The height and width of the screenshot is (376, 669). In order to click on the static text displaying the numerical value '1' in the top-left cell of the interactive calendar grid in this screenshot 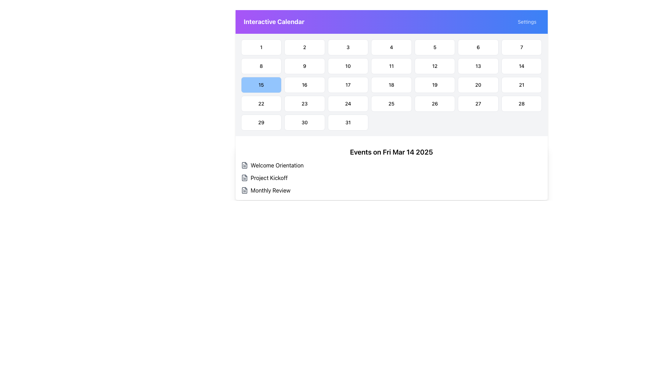, I will do `click(261, 47)`.